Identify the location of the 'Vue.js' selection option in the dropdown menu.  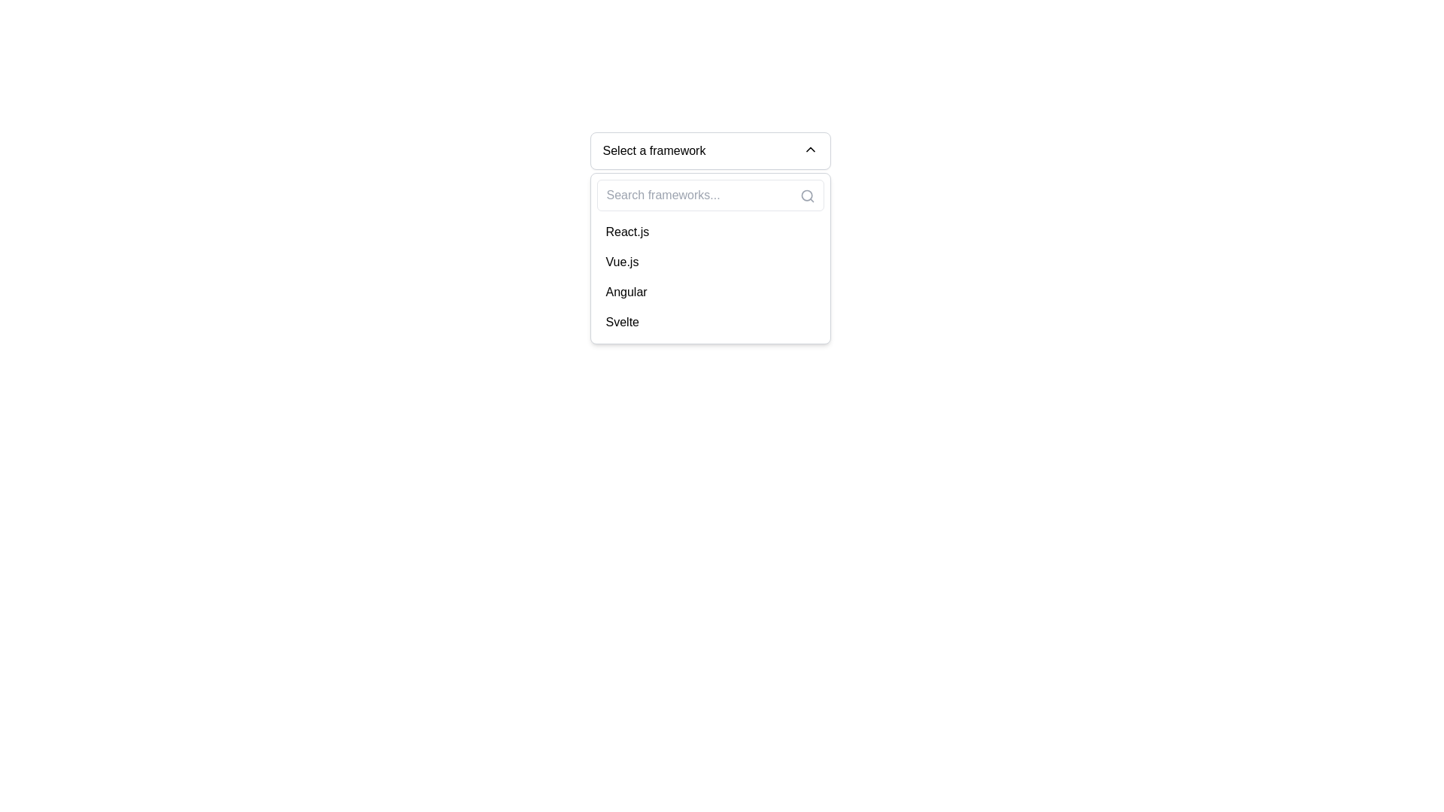
(622, 261).